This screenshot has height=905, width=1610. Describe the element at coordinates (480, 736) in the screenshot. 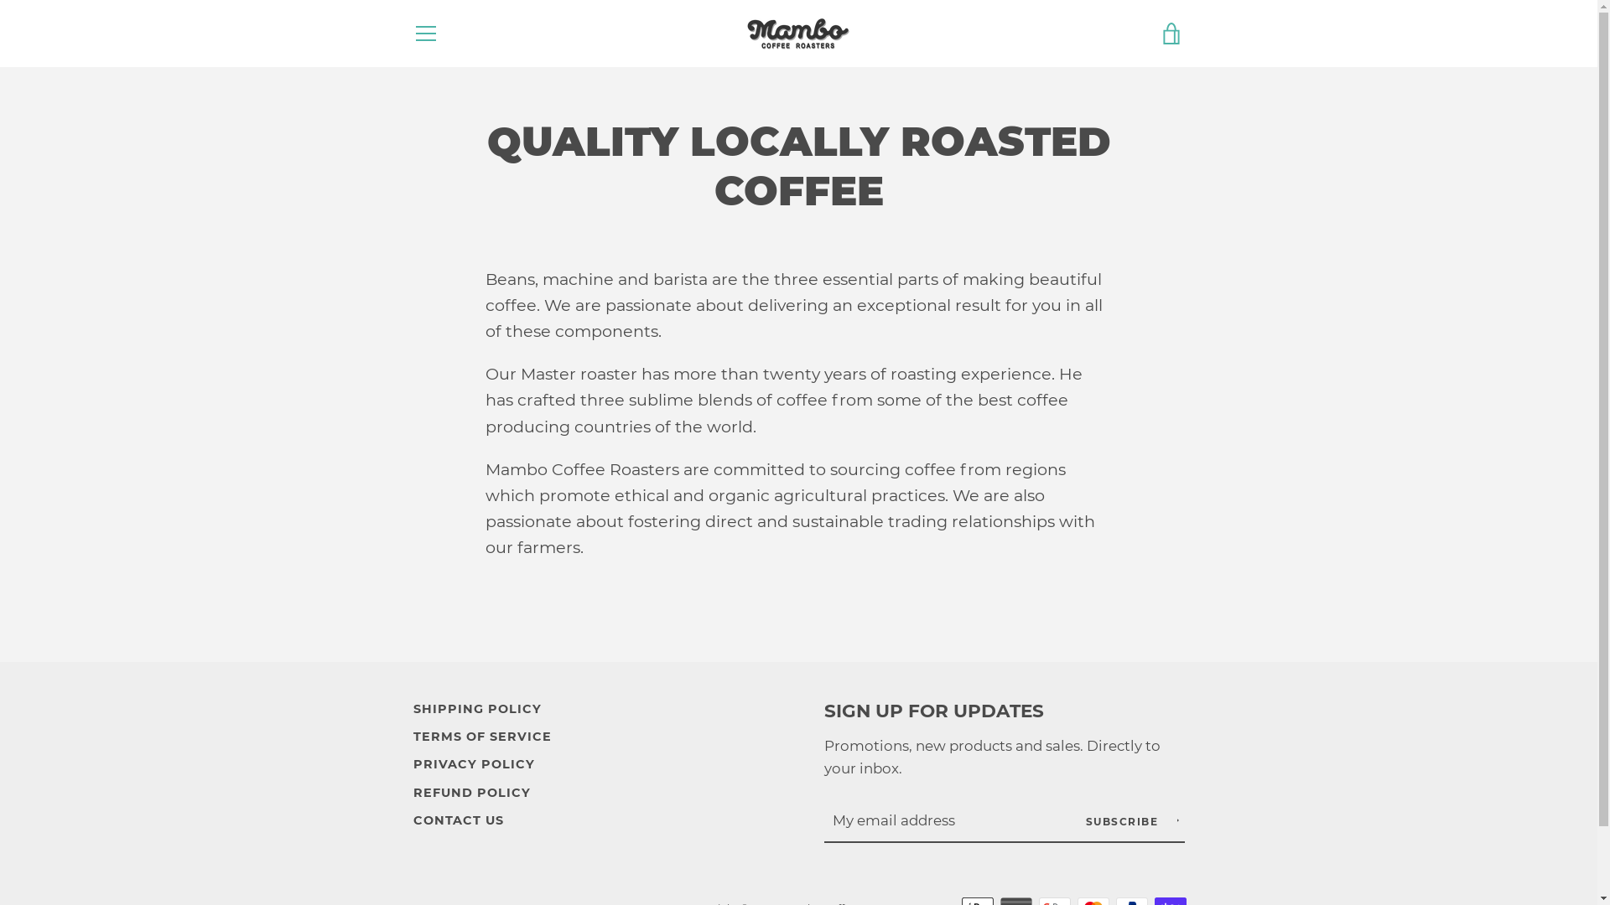

I see `'TERMS OF SERVICE'` at that location.